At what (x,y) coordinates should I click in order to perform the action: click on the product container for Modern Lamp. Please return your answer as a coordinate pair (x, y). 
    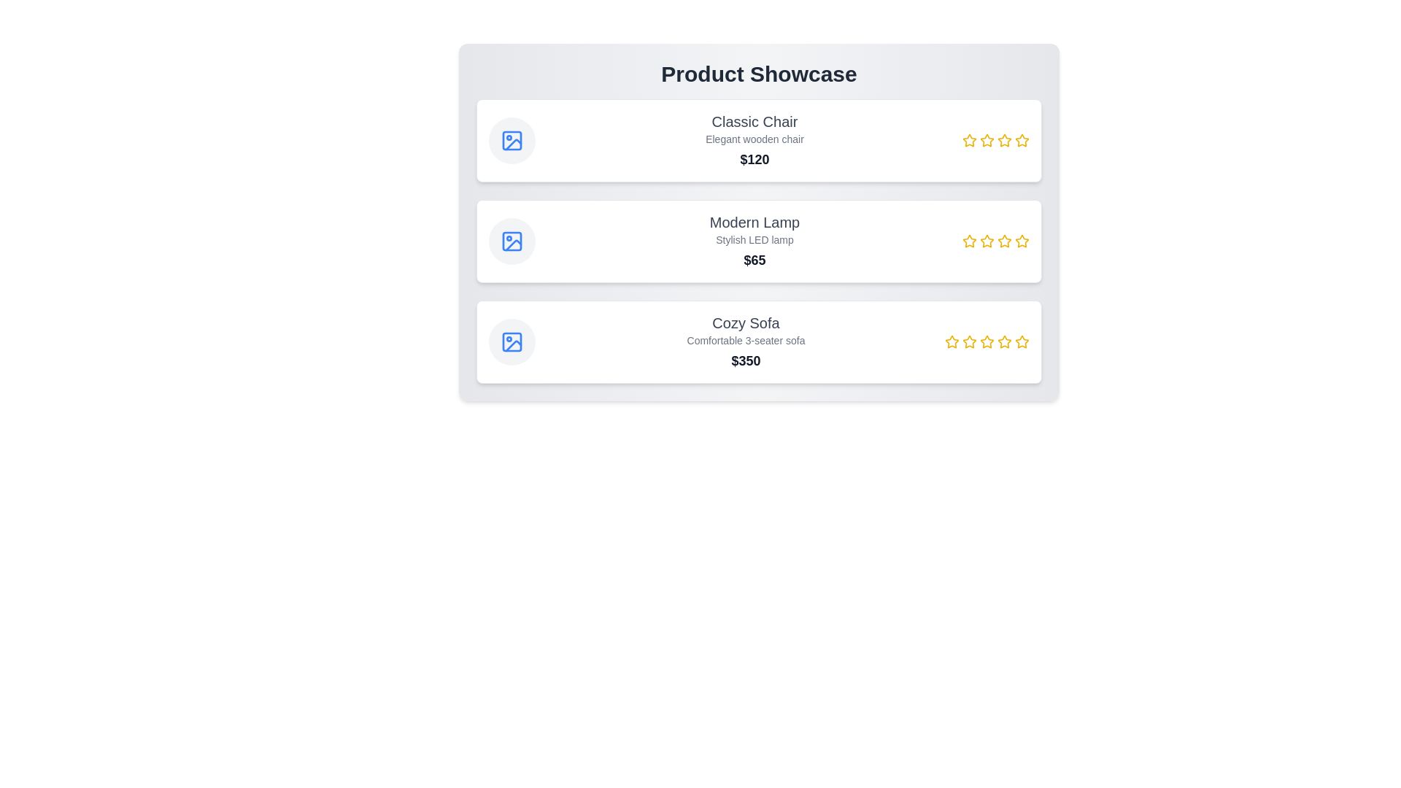
    Looking at the image, I should click on (759, 241).